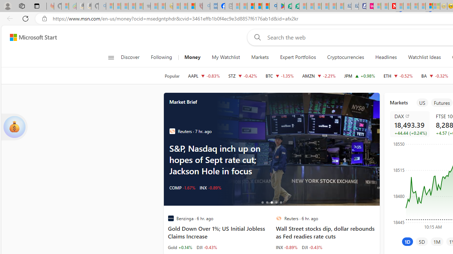 This screenshot has width=453, height=254. I want to click on 'DAX DAX increase 18,493.39 +44.44 +0.24%', so click(409, 124).